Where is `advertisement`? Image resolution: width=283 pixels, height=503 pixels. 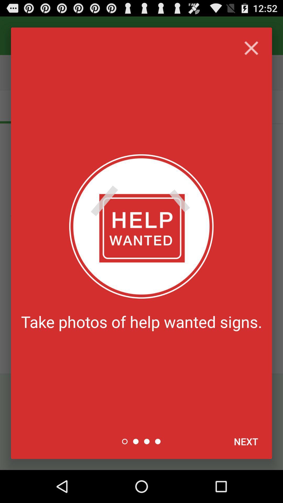
advertisement is located at coordinates (251, 48).